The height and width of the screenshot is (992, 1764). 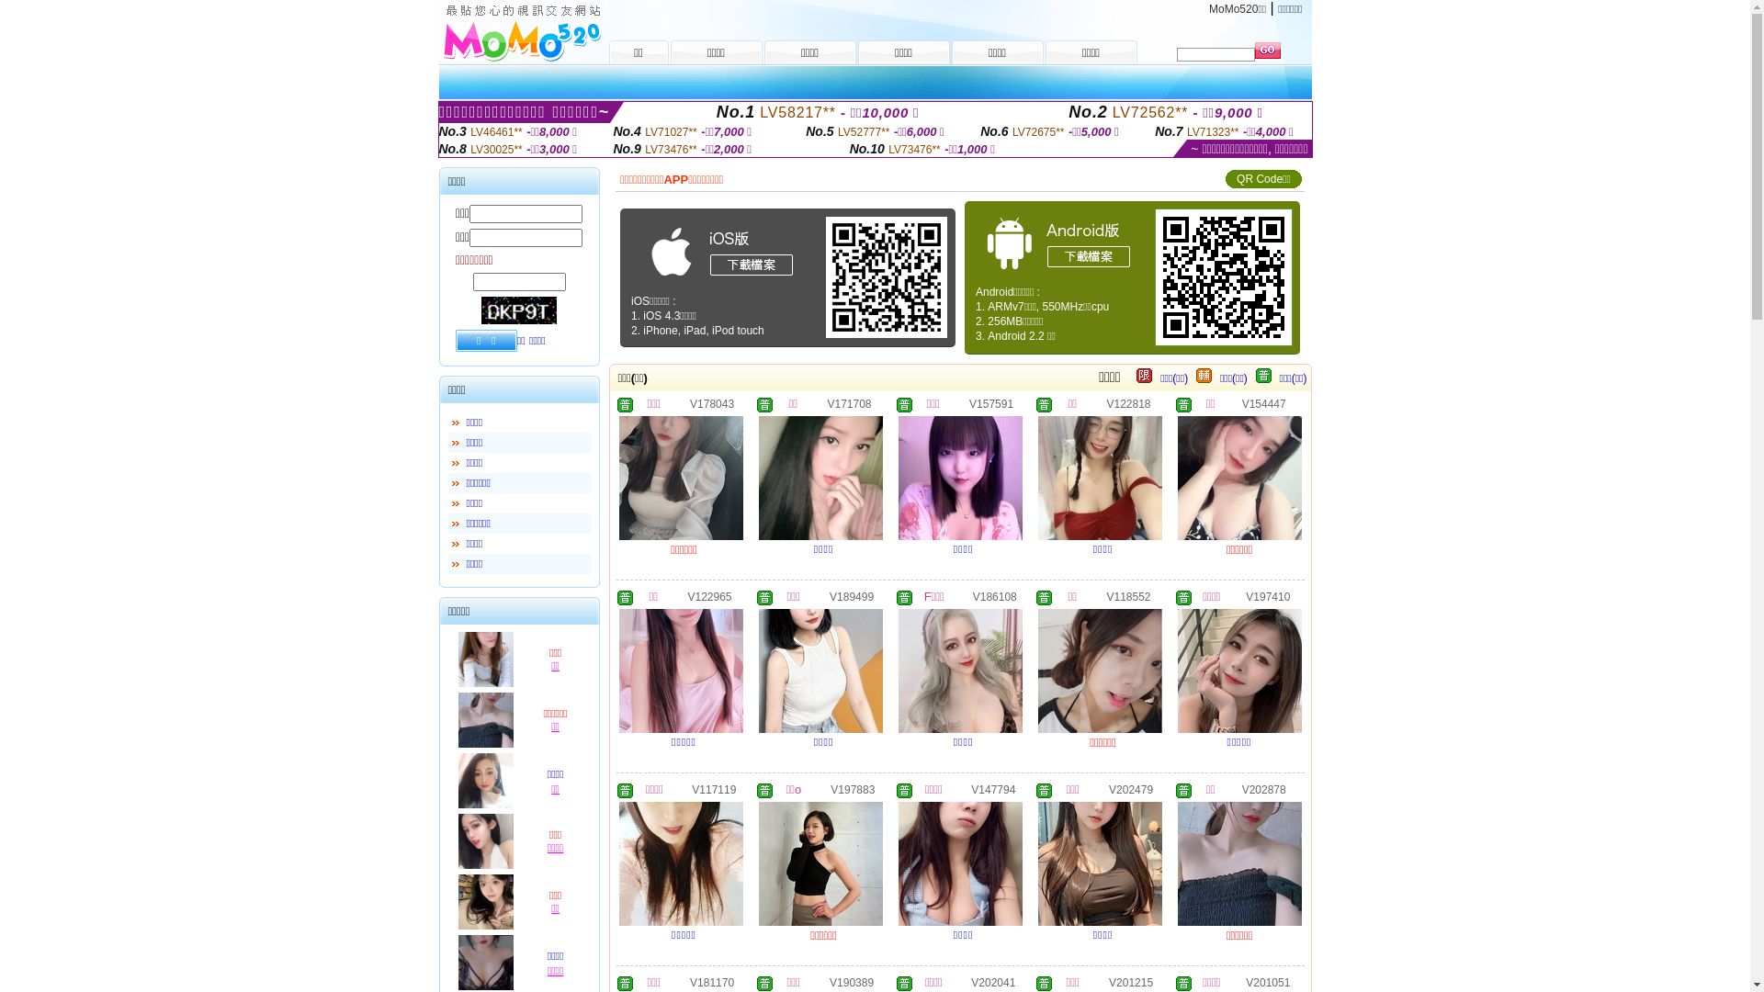 I want to click on 'V189499', so click(x=850, y=595).